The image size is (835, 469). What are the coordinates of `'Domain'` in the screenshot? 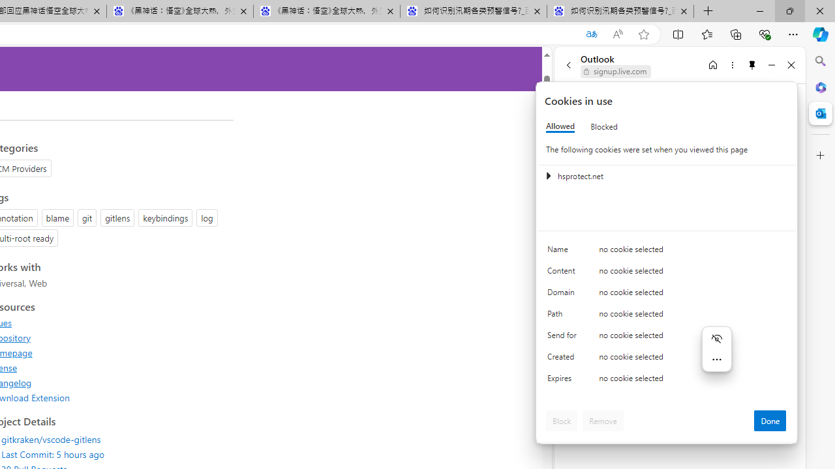 It's located at (564, 295).